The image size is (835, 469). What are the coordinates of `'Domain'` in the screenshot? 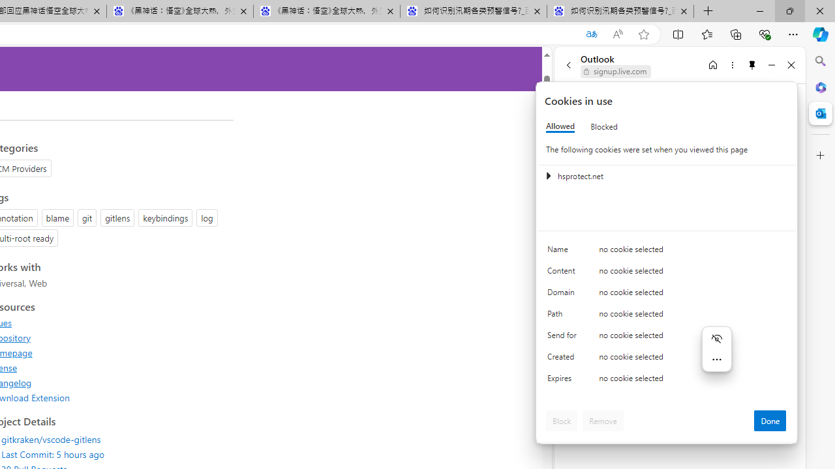 It's located at (564, 295).